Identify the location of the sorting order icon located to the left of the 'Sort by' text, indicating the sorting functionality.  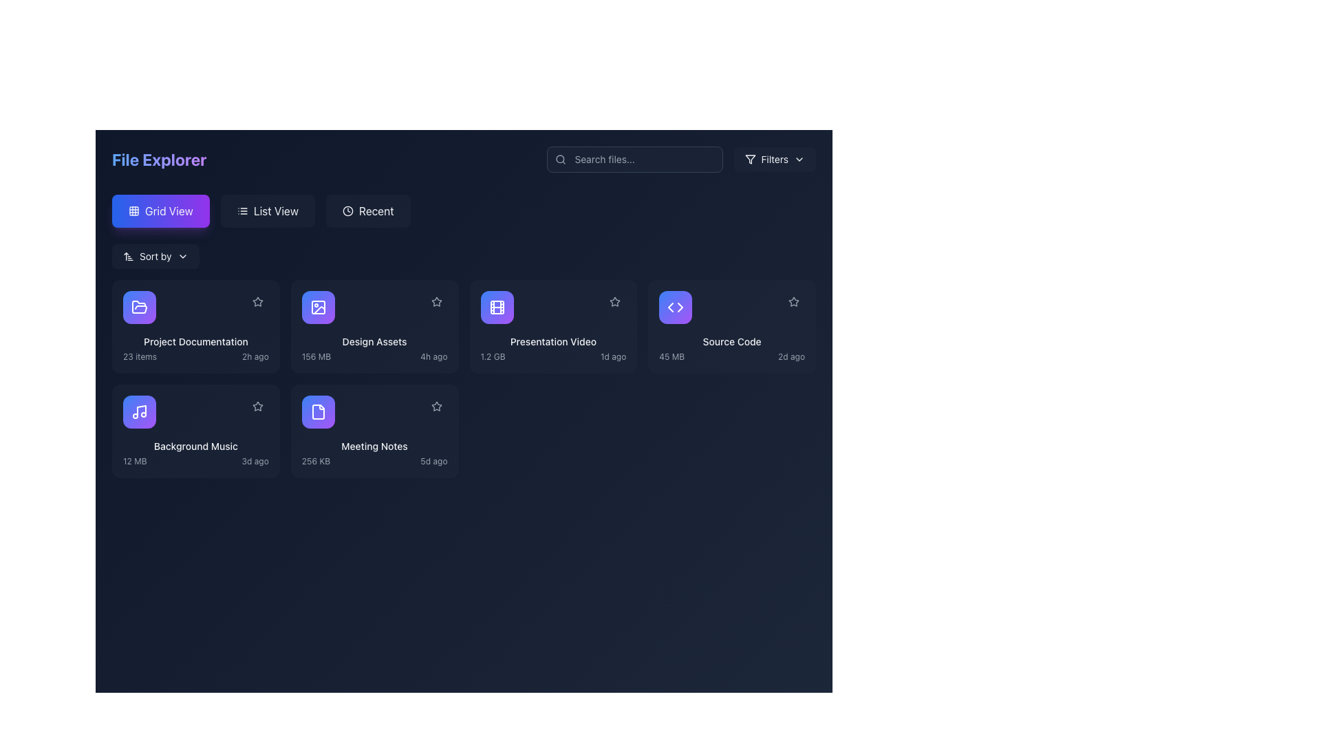
(129, 257).